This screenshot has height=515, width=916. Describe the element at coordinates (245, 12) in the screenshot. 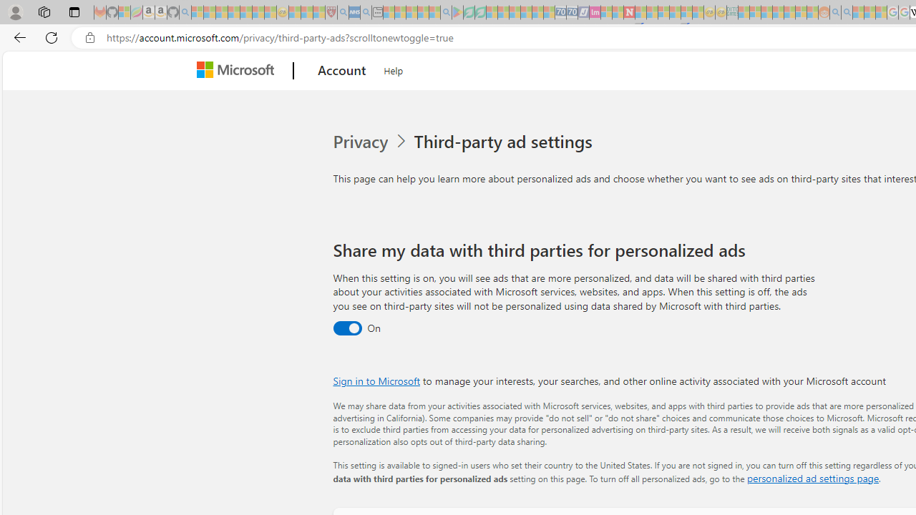

I see `'New Report Confirms 2023 Was Record Hot | Watch - Sleeping'` at that location.